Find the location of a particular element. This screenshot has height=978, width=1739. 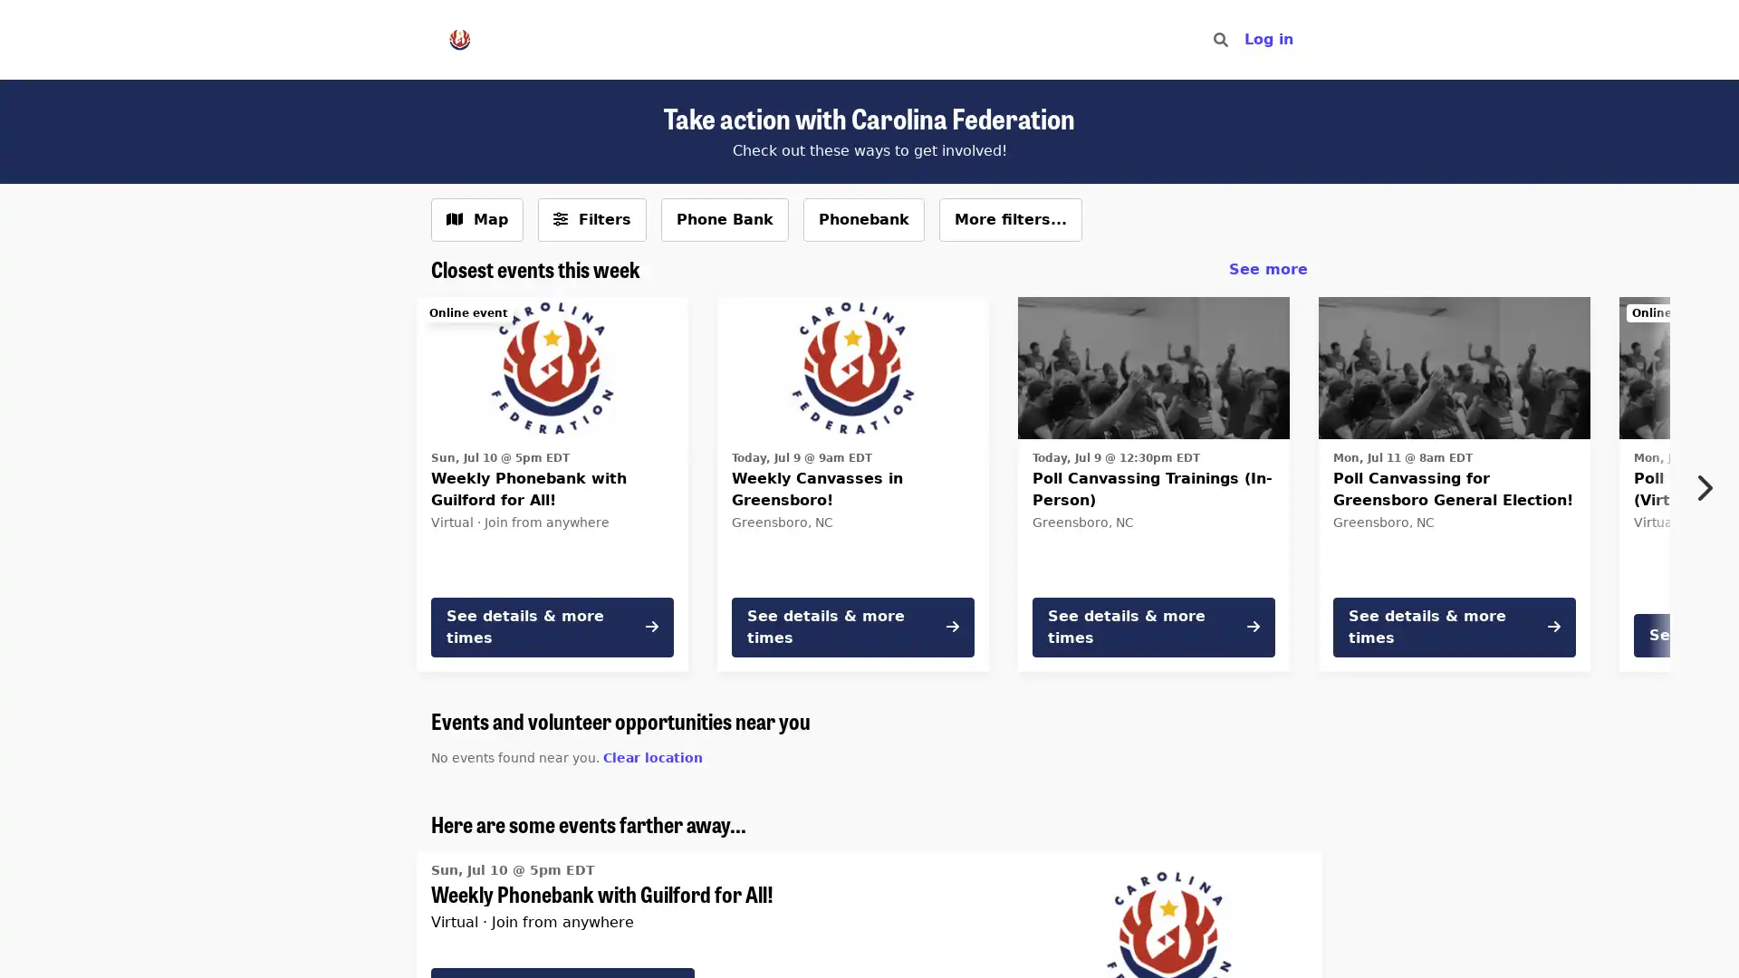

Phonebank is located at coordinates (863, 219).